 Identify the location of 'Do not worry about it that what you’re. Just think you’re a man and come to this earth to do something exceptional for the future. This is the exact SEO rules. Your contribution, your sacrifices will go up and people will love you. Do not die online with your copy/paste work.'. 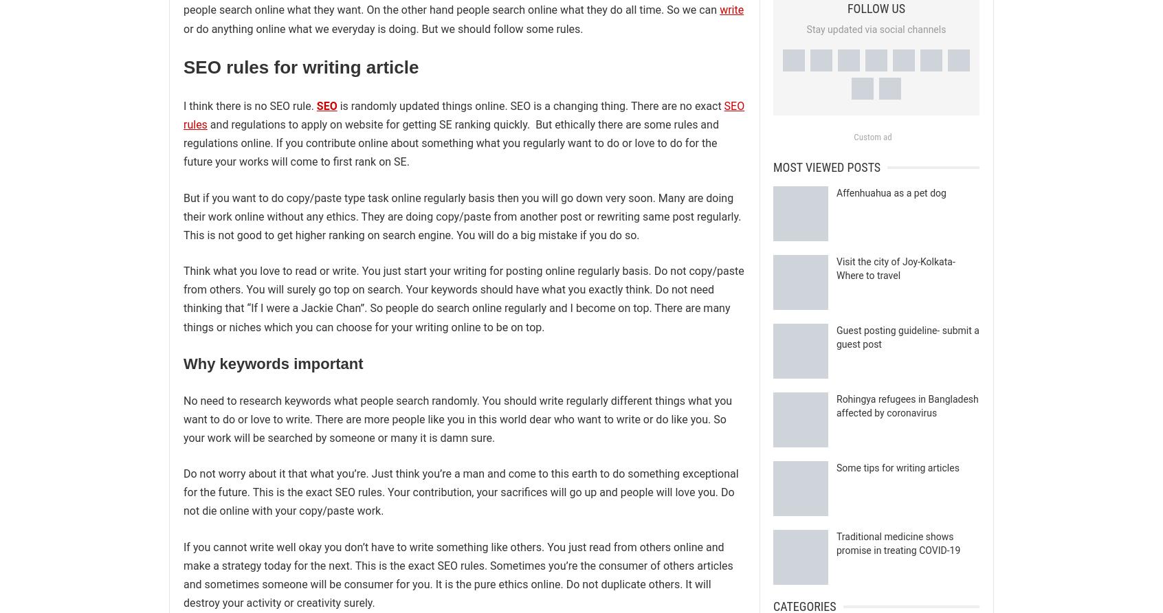
(183, 492).